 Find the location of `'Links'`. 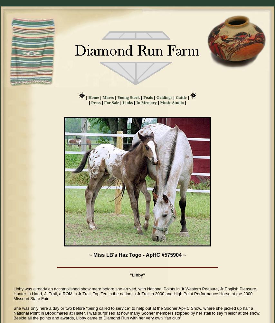

'Links' is located at coordinates (122, 102).